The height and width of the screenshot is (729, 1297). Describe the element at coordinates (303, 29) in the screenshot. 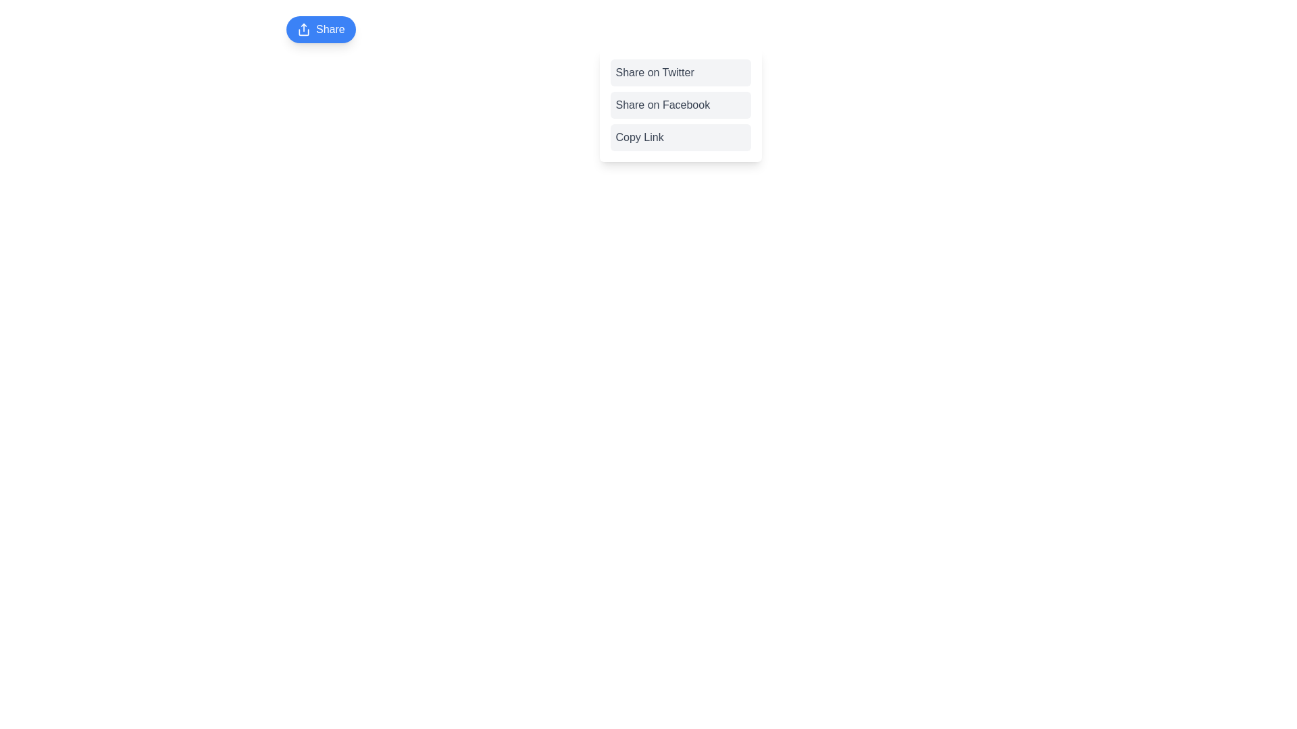

I see `the share icon located to the left of the text on the blue 'Share' button near the top-left area of the interface` at that location.